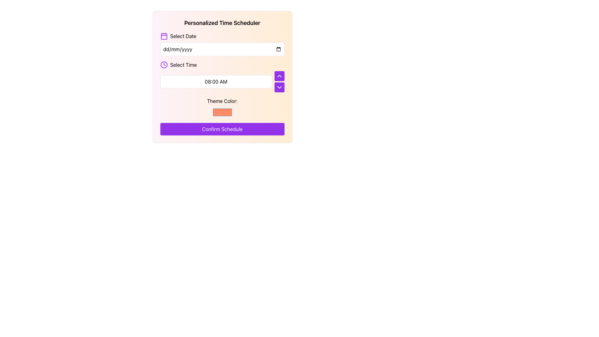 Image resolution: width=599 pixels, height=337 pixels. I want to click on the clock icon located to the left of the 'Select Time' label for accessibility purposes, so click(164, 65).